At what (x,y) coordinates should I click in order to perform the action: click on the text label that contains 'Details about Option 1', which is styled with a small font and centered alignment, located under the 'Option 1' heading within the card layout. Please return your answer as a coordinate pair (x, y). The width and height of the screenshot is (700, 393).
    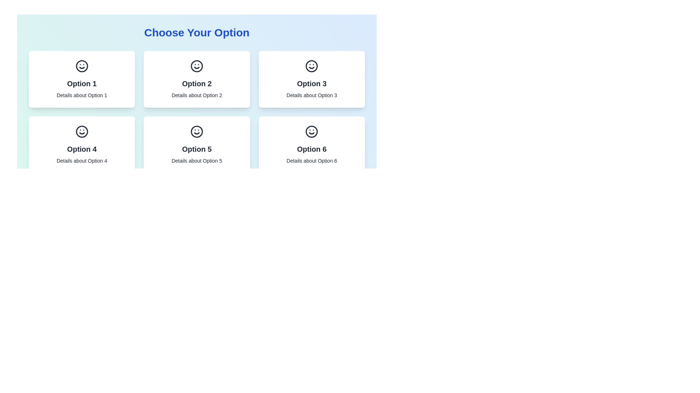
    Looking at the image, I should click on (82, 95).